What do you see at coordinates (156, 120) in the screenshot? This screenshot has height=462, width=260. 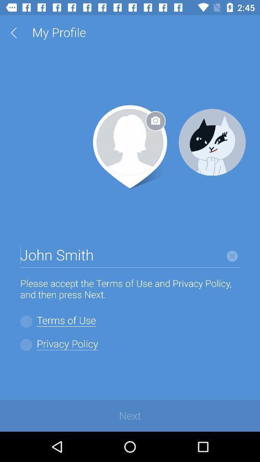 I see `the photo icon` at bounding box center [156, 120].